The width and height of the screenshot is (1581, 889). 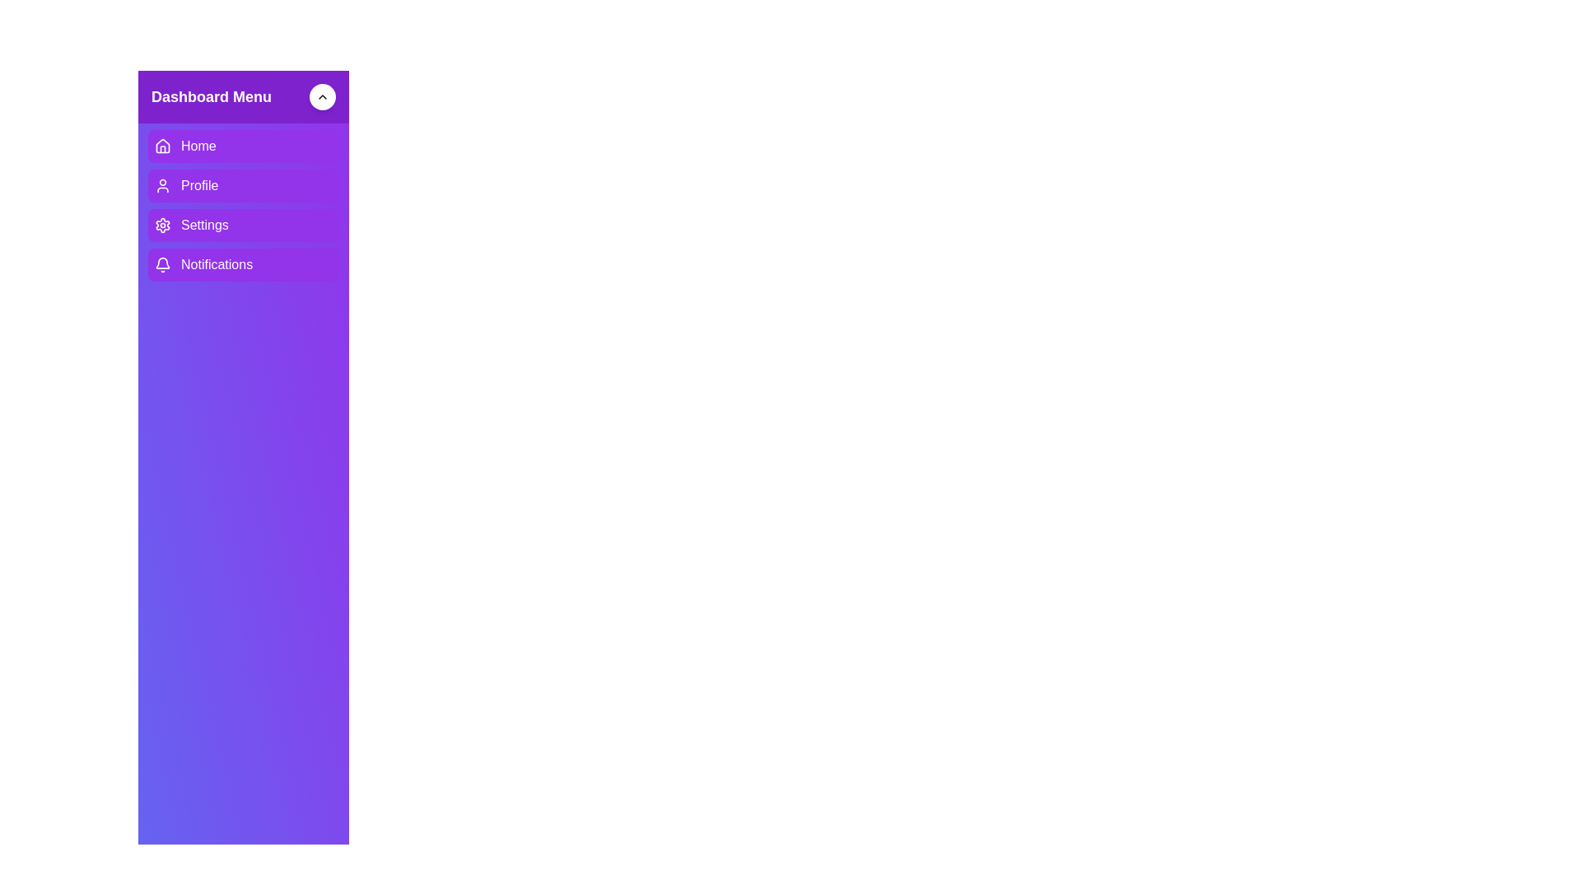 I want to click on the interactive button located in the top-right corner of the purple header bar labeled 'Dashboard Menu', so click(x=323, y=97).